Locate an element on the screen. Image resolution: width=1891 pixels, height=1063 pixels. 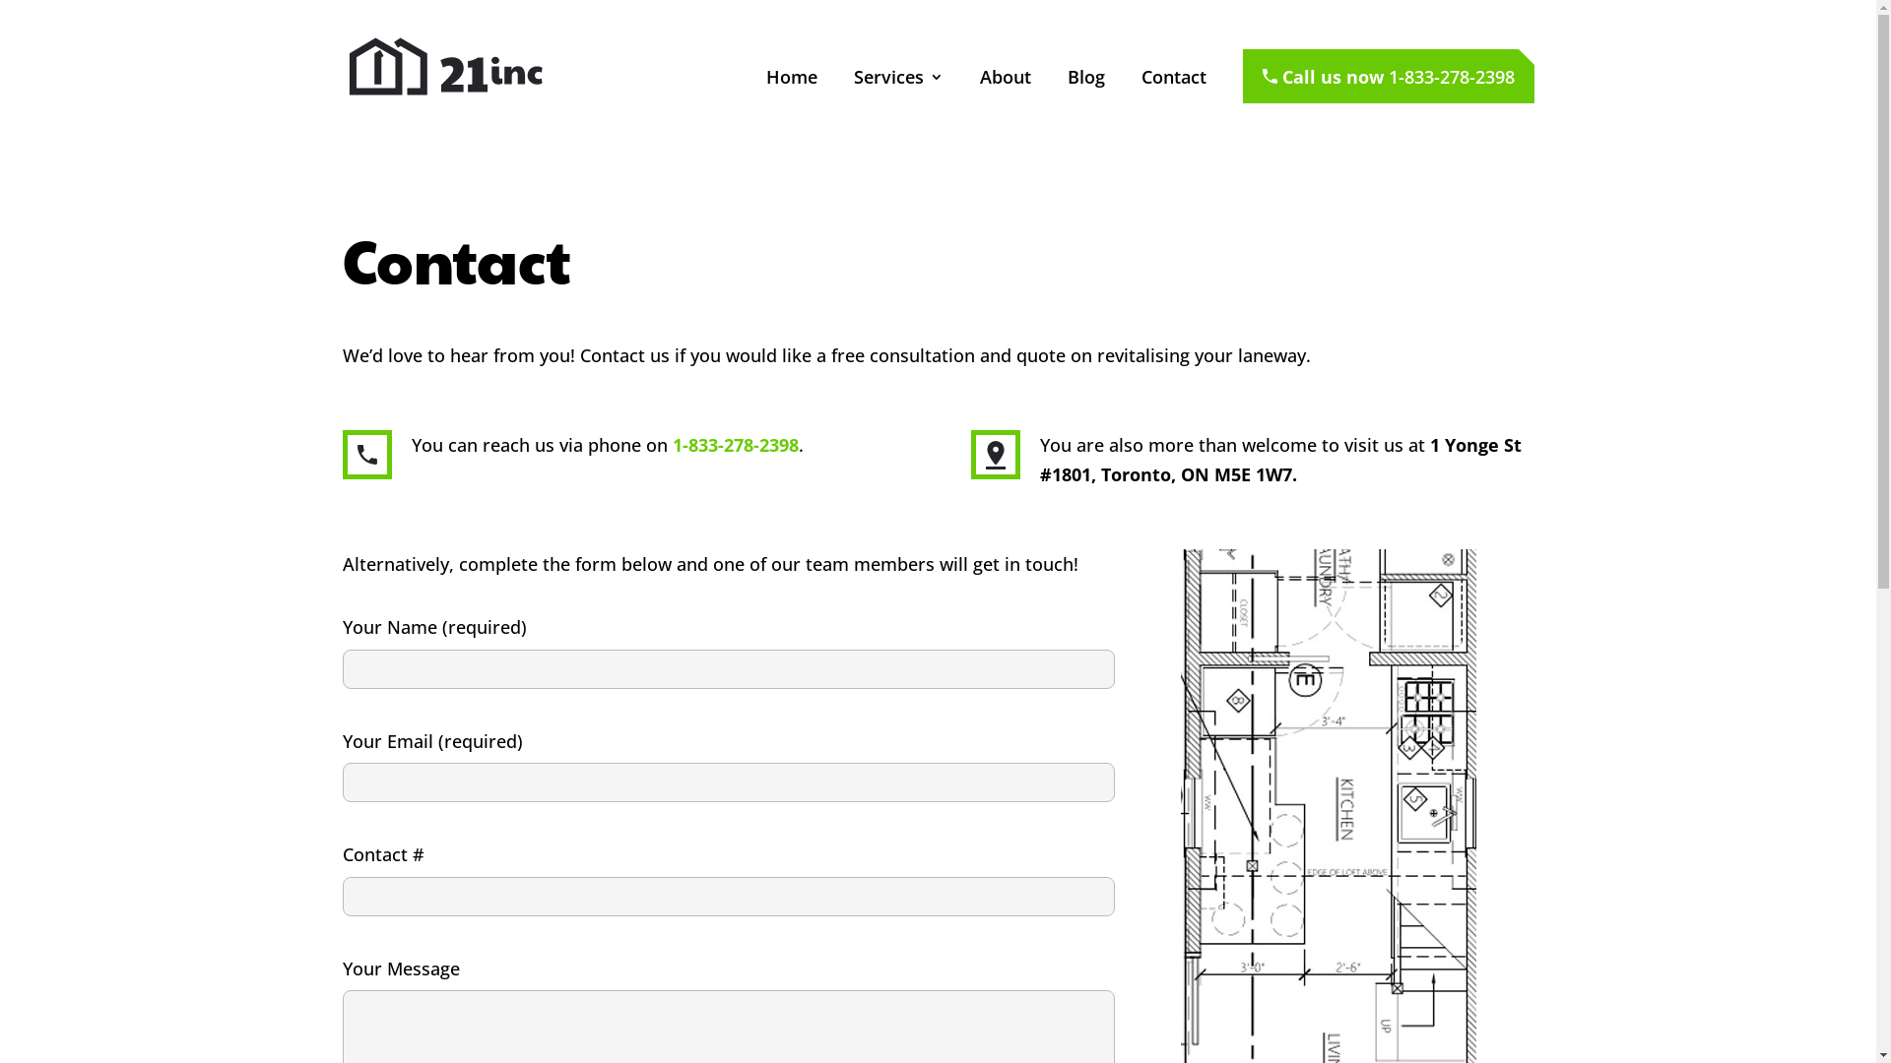
'1-833-278-2398' is located at coordinates (733, 444).